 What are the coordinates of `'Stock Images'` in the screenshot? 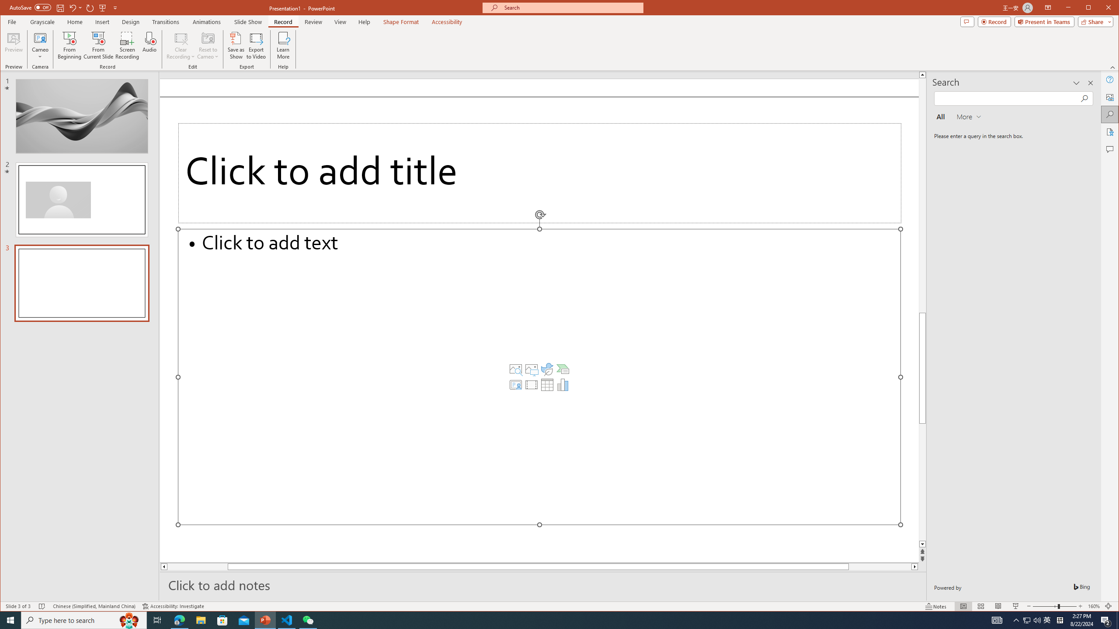 It's located at (515, 369).